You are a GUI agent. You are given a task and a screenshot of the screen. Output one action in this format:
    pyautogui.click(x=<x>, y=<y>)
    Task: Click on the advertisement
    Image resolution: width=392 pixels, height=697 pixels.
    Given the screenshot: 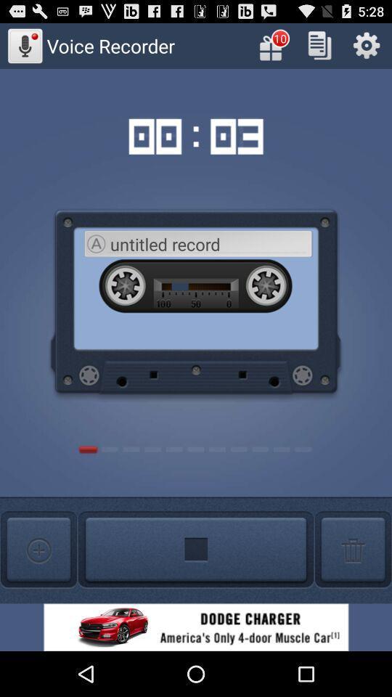 What is the action you would take?
    pyautogui.click(x=196, y=627)
    